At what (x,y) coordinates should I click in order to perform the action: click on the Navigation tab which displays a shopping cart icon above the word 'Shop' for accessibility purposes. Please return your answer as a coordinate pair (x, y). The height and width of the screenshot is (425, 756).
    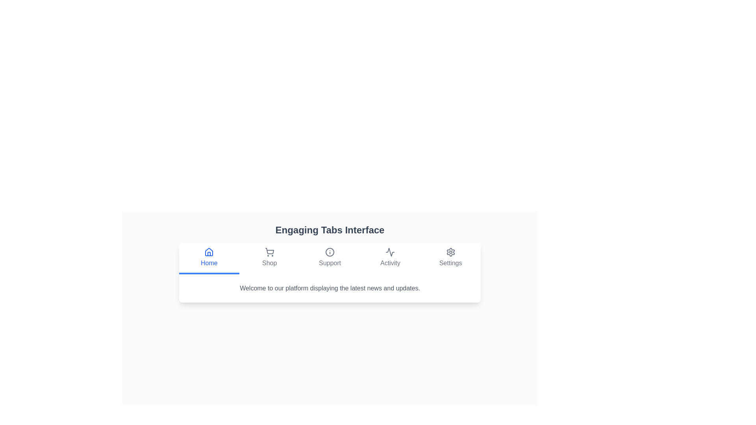
    Looking at the image, I should click on (269, 258).